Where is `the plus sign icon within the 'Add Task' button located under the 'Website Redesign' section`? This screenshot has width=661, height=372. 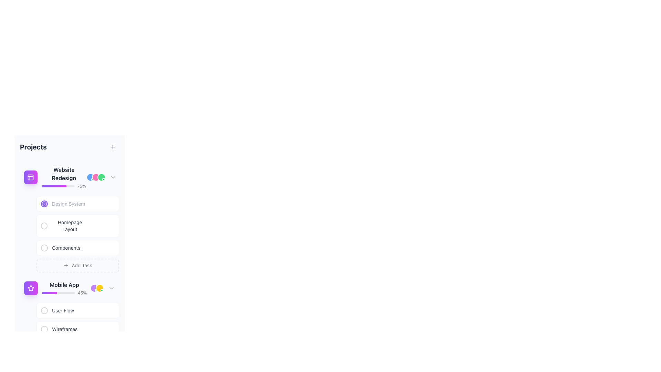
the plus sign icon within the 'Add Task' button located under the 'Website Redesign' section is located at coordinates (66, 265).